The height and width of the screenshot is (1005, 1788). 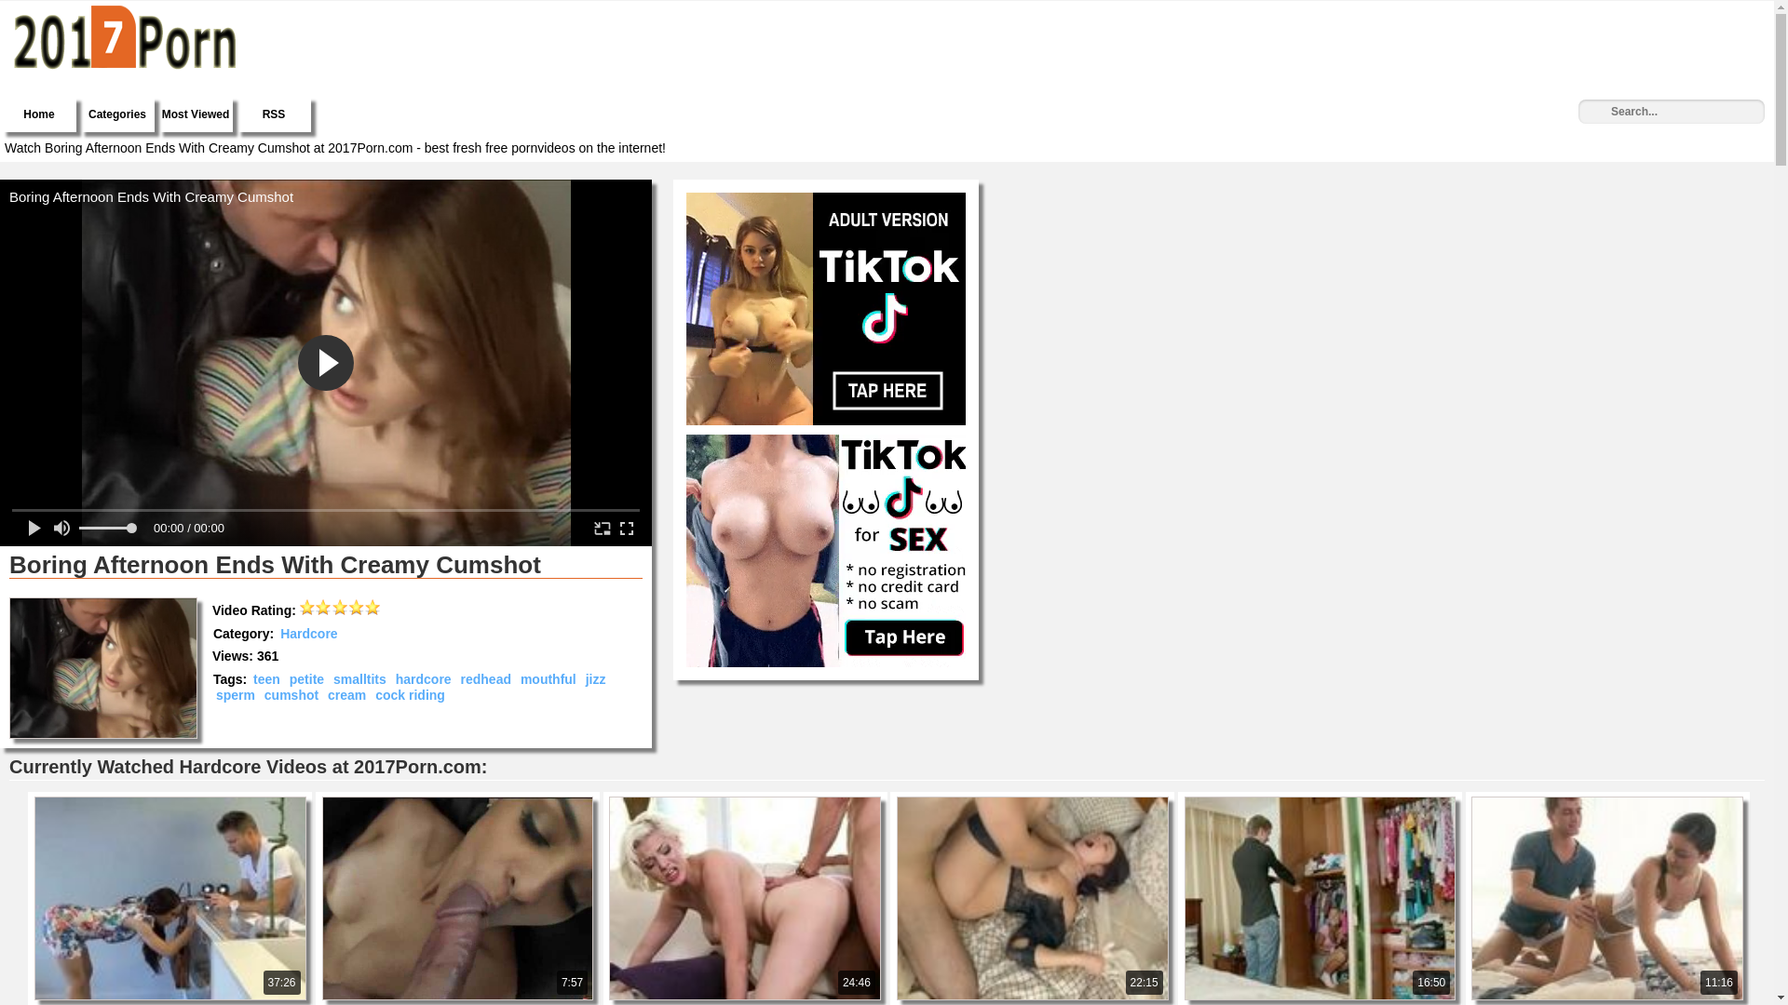 What do you see at coordinates (196, 114) in the screenshot?
I see `'Most Viewed'` at bounding box center [196, 114].